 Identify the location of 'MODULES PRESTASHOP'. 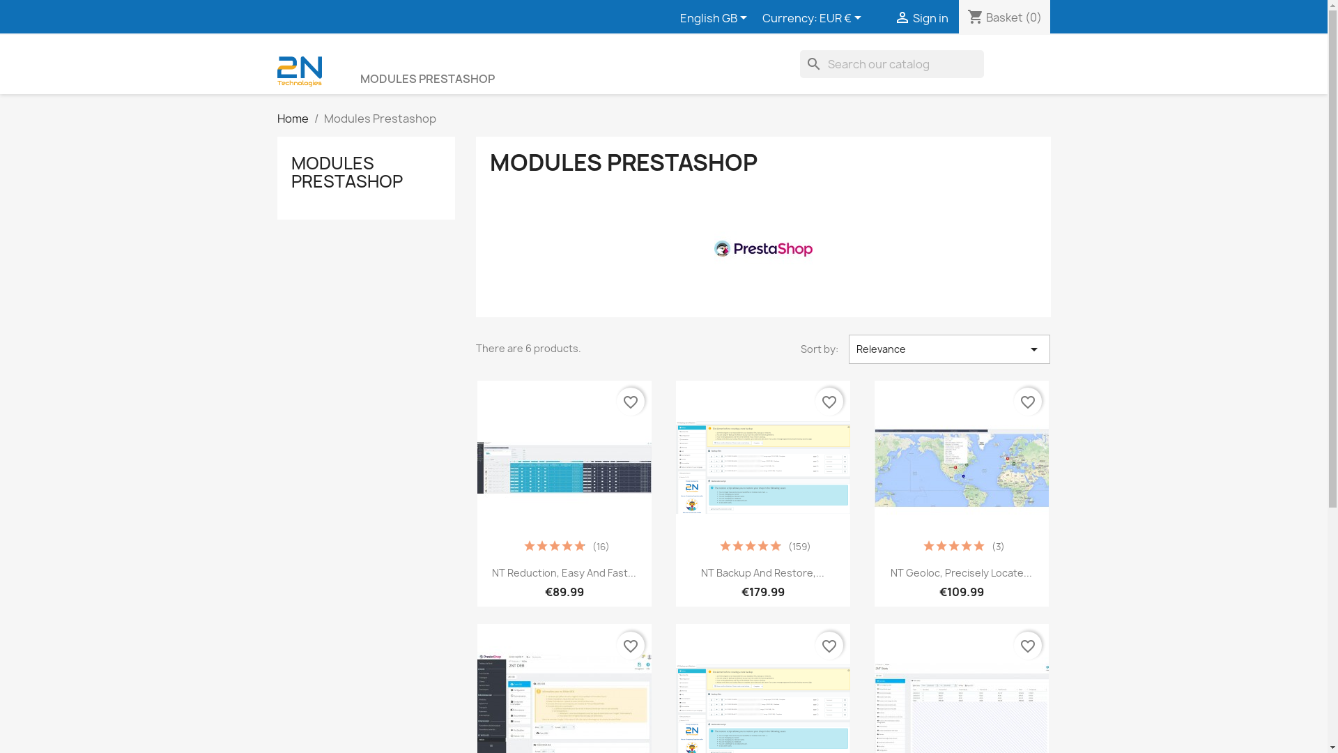
(347, 171).